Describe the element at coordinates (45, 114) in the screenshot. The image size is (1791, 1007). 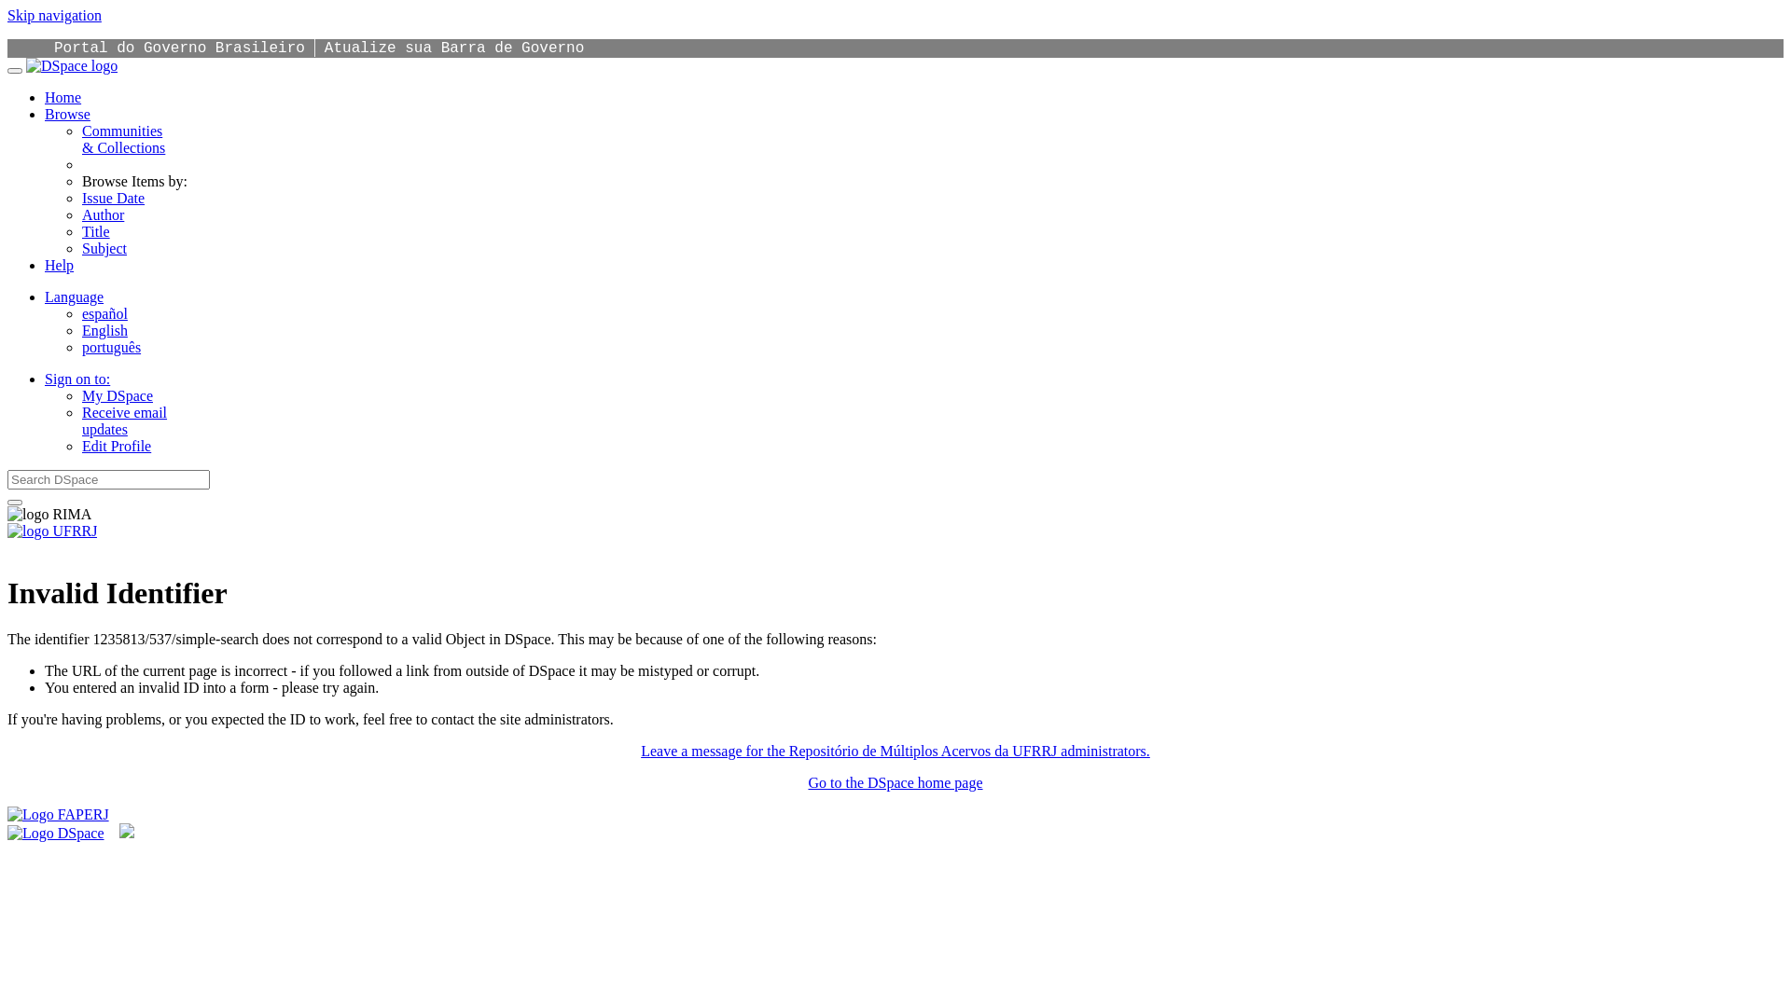
I see `'Browse'` at that location.